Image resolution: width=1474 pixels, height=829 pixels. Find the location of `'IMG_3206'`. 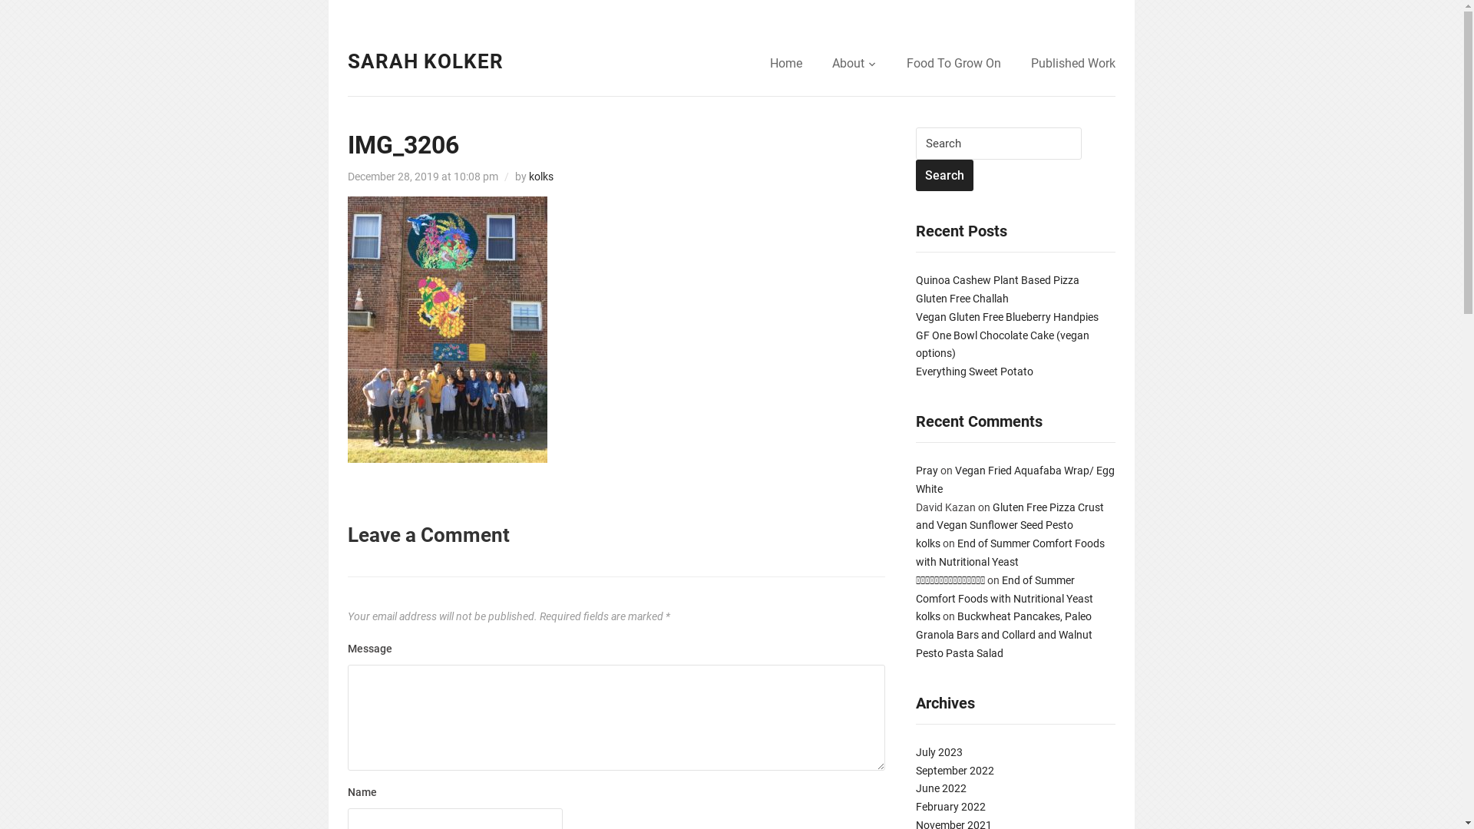

'IMG_3206' is located at coordinates (402, 145).